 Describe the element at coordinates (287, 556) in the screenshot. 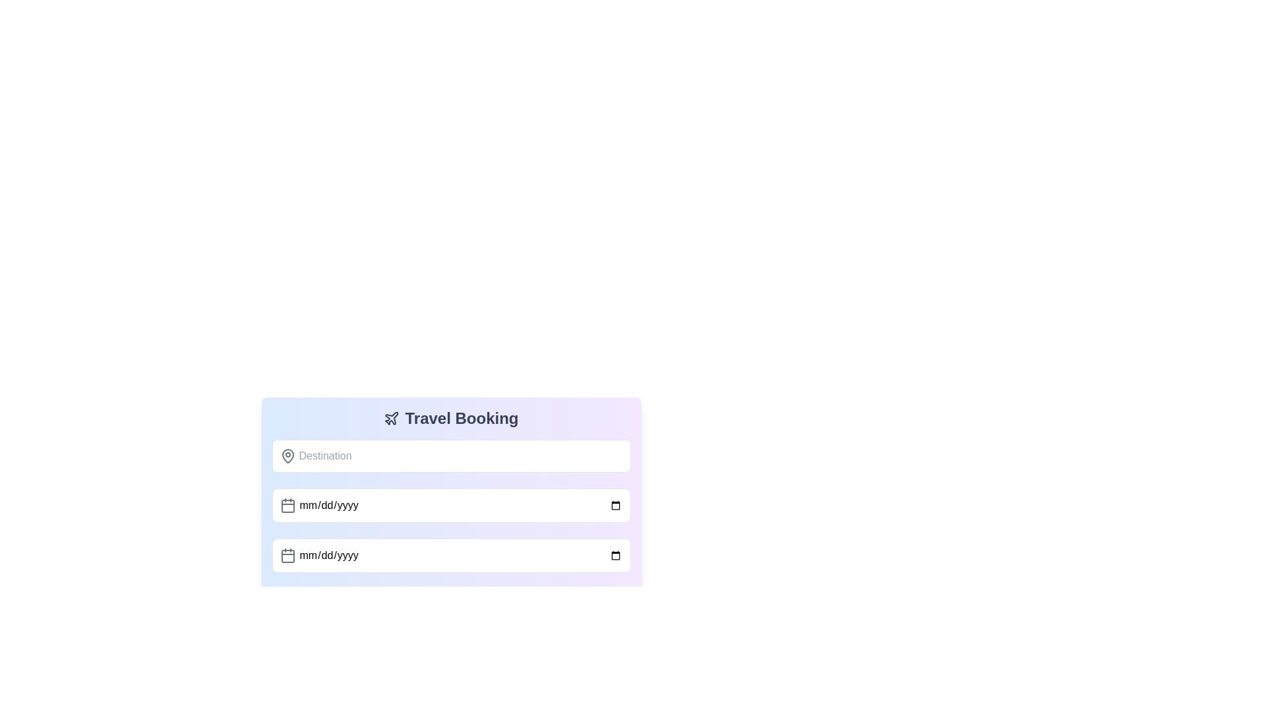

I see `the square calendar icon with rounded corners and horizontal lines, located near the lower input field of the 'Travel Booking' form` at that location.